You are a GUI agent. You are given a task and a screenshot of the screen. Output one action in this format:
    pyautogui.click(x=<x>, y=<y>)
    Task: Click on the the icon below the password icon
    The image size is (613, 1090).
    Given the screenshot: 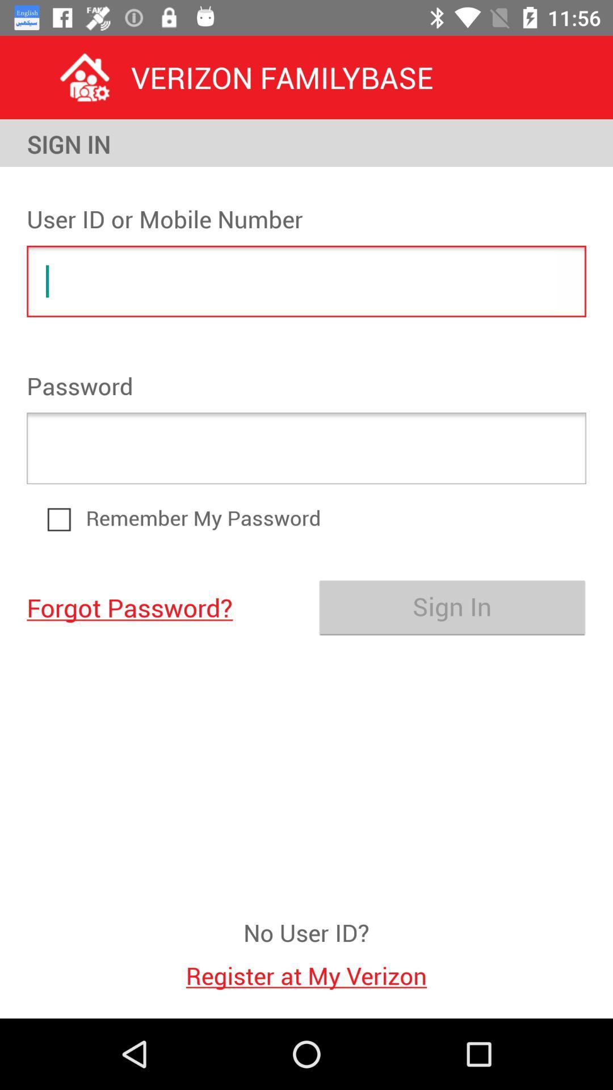 What is the action you would take?
    pyautogui.click(x=306, y=447)
    